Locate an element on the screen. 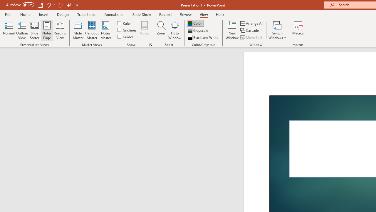  'Notes Master' is located at coordinates (106, 30).